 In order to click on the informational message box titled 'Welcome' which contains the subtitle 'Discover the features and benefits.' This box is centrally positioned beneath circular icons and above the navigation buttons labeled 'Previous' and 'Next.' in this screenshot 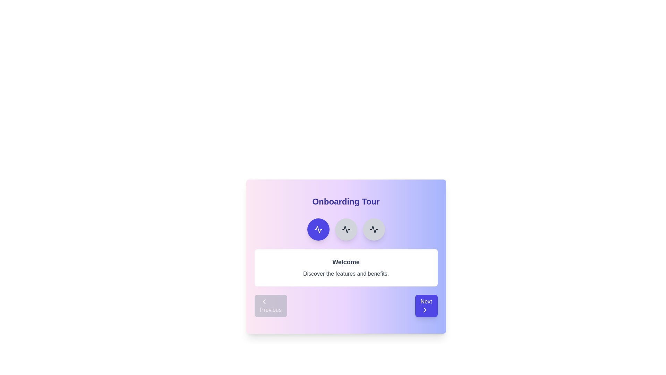, I will do `click(346, 267)`.